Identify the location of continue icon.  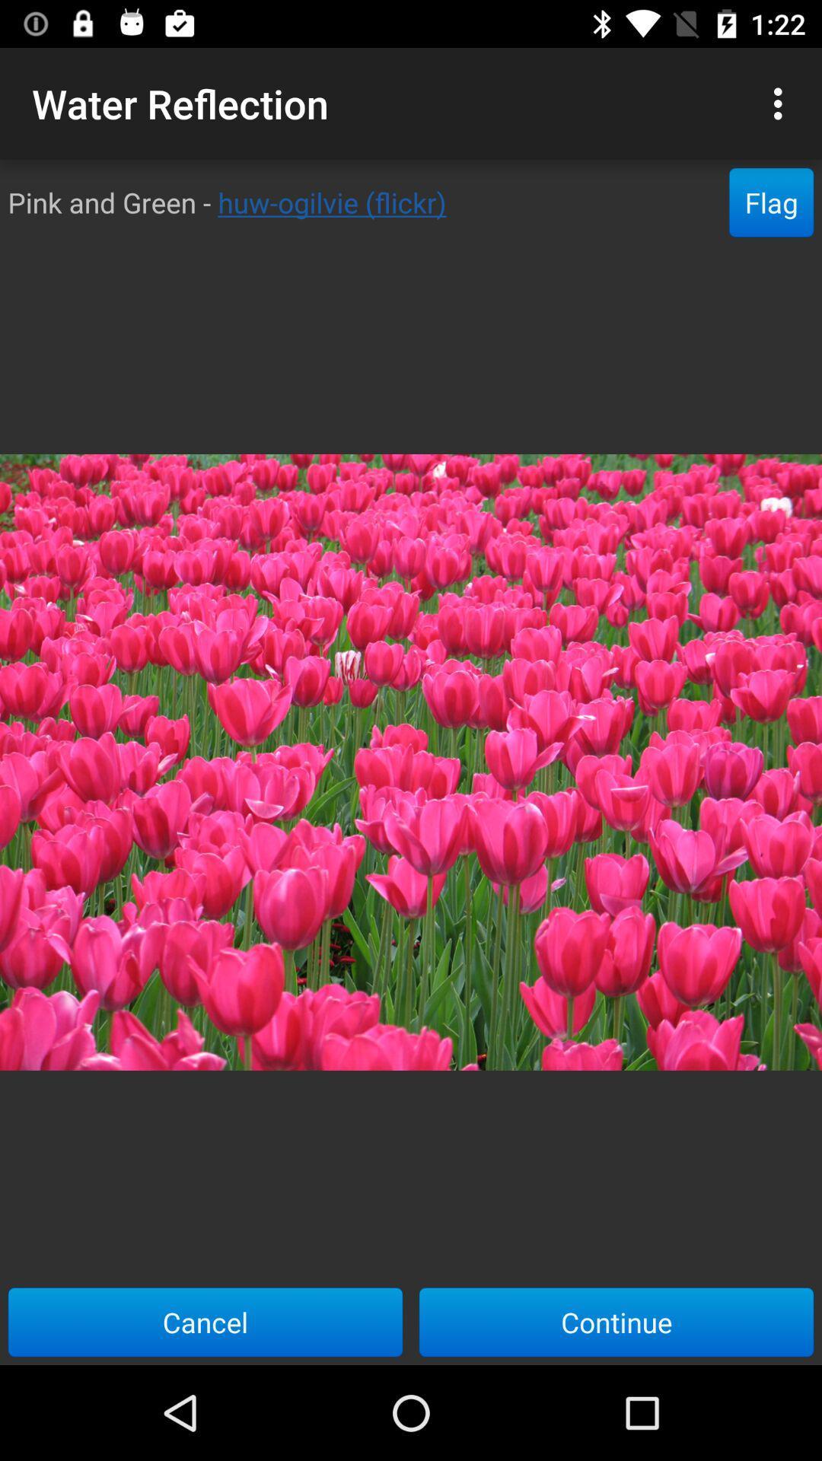
(616, 1321).